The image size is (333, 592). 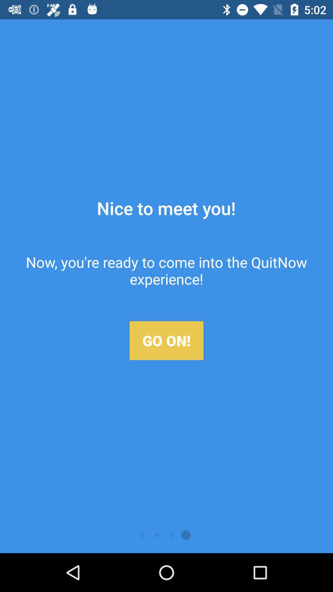 I want to click on icon below the now you re item, so click(x=166, y=340).